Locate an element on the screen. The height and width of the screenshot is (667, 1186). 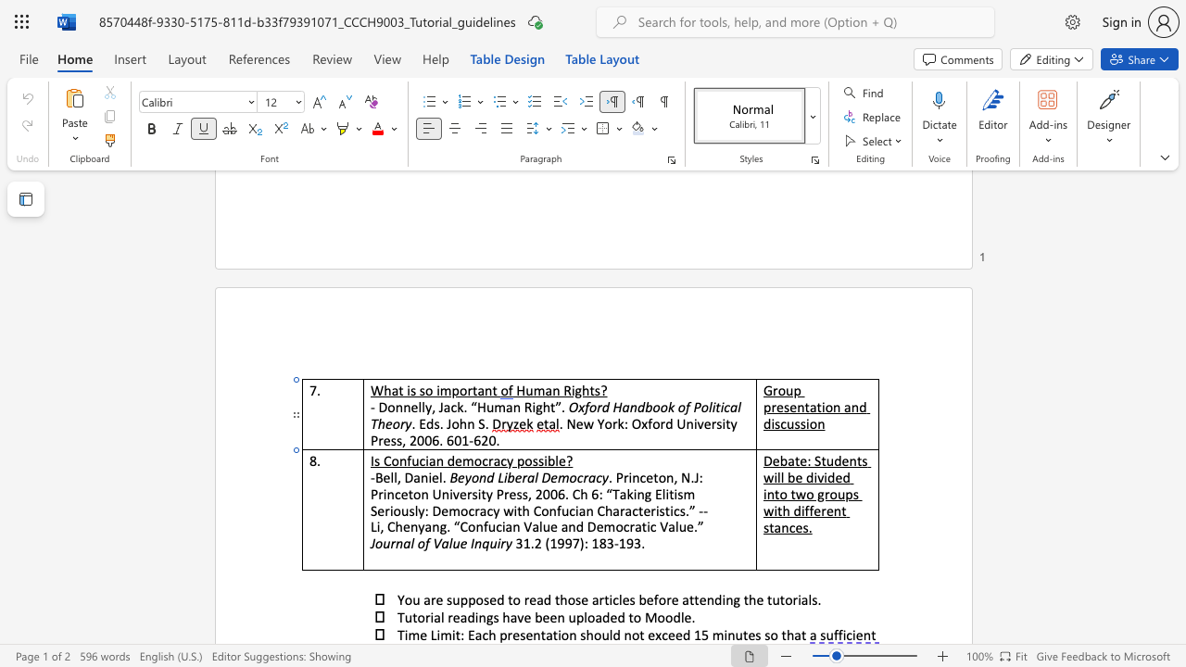
the 2th character "n" in the text is located at coordinates (438, 459).